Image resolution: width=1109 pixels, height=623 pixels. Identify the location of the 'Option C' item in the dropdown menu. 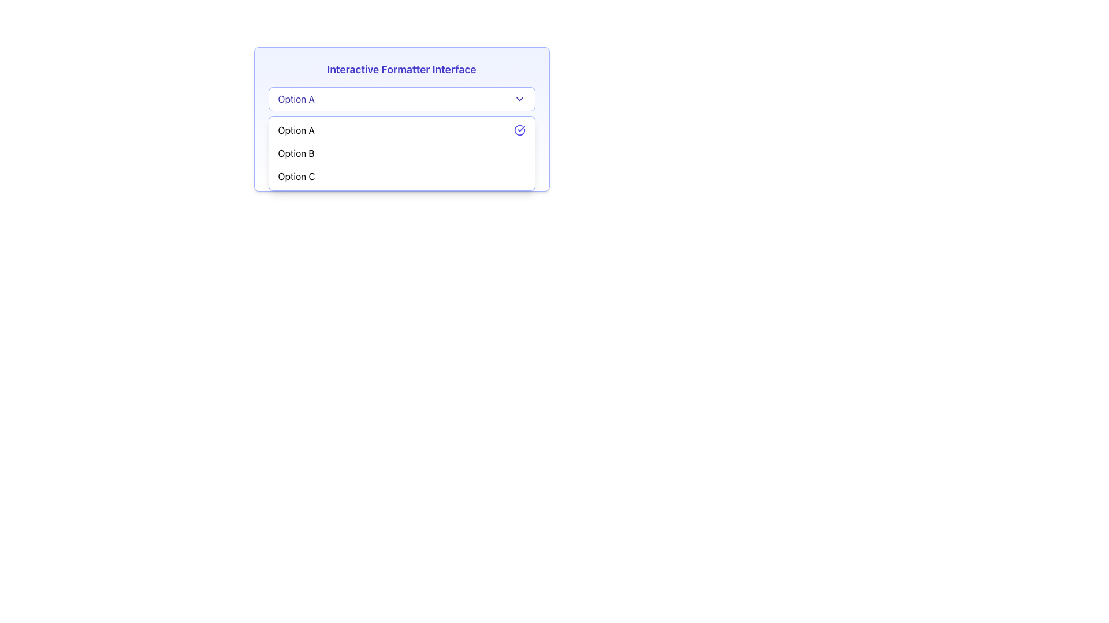
(401, 176).